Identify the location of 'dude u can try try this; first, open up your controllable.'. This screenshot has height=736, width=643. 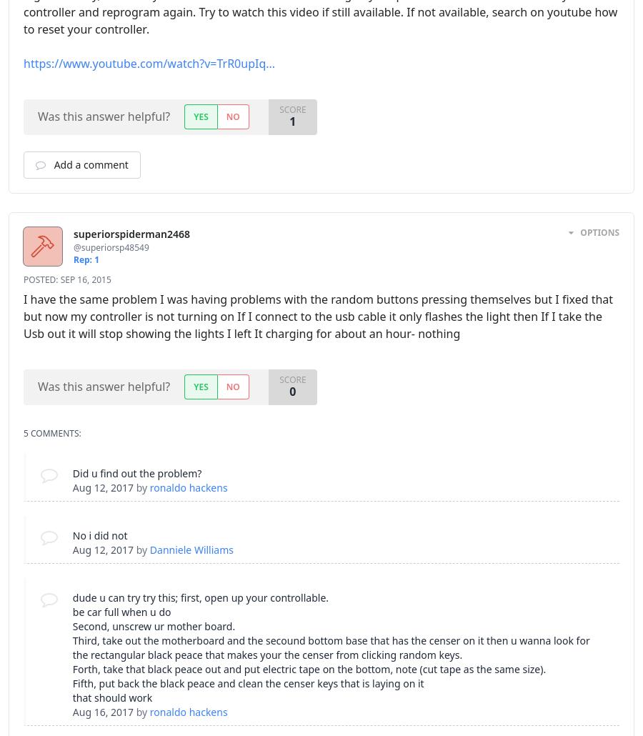
(199, 596).